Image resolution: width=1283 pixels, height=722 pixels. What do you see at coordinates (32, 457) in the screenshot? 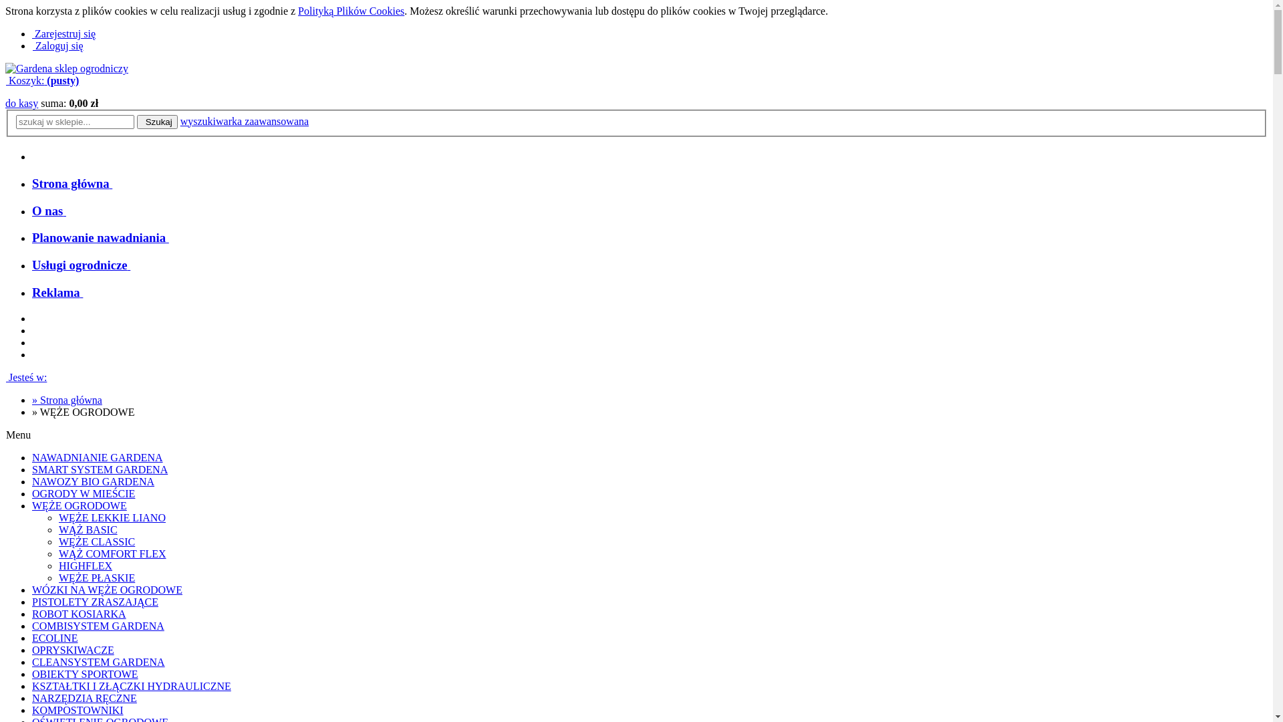
I see `'NAWADNIANIE GARDENA'` at bounding box center [32, 457].